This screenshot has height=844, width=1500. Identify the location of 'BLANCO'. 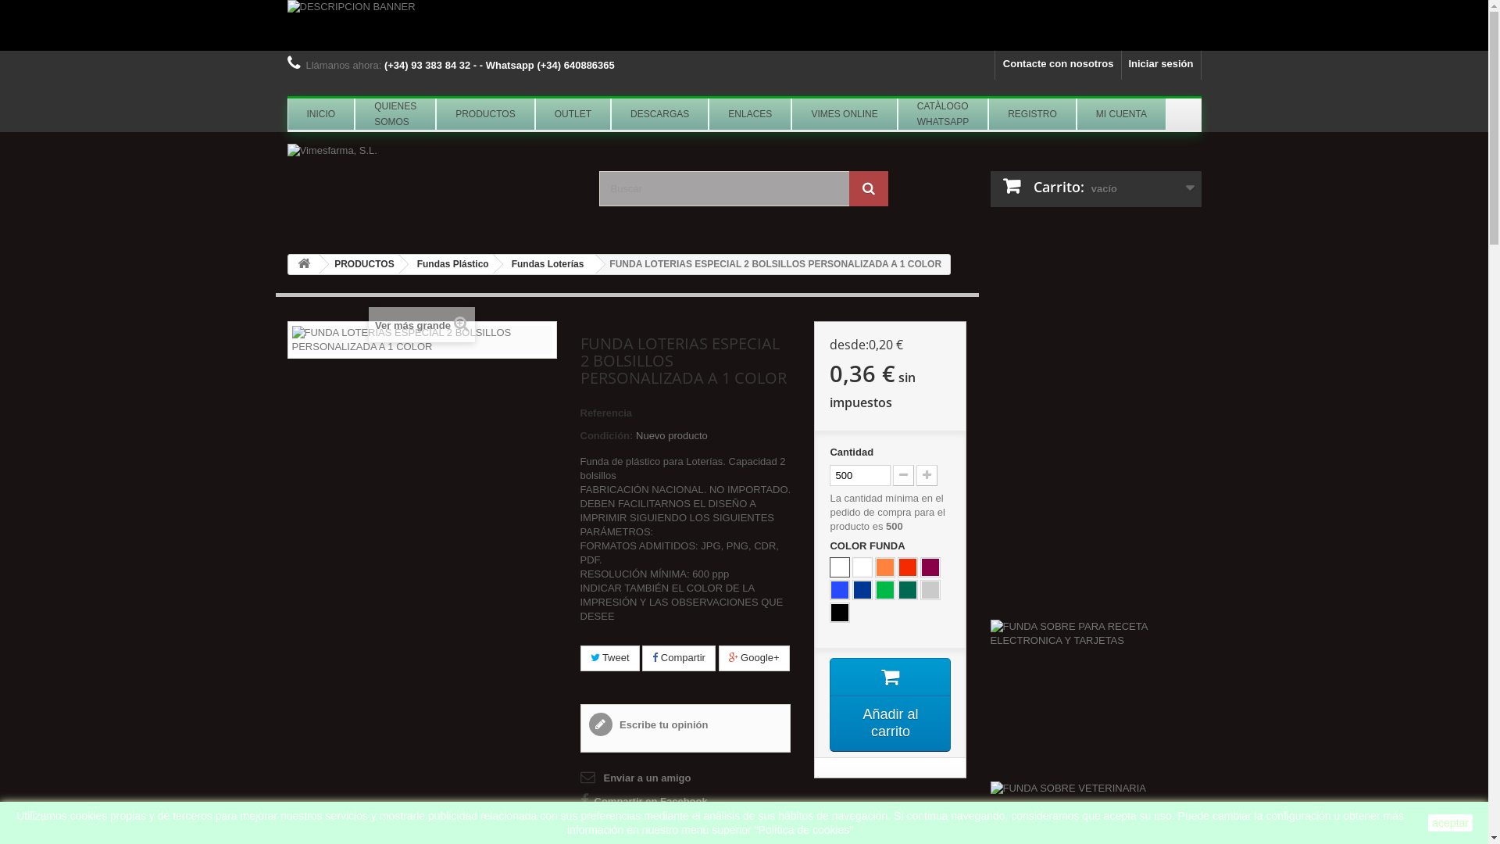
(862, 567).